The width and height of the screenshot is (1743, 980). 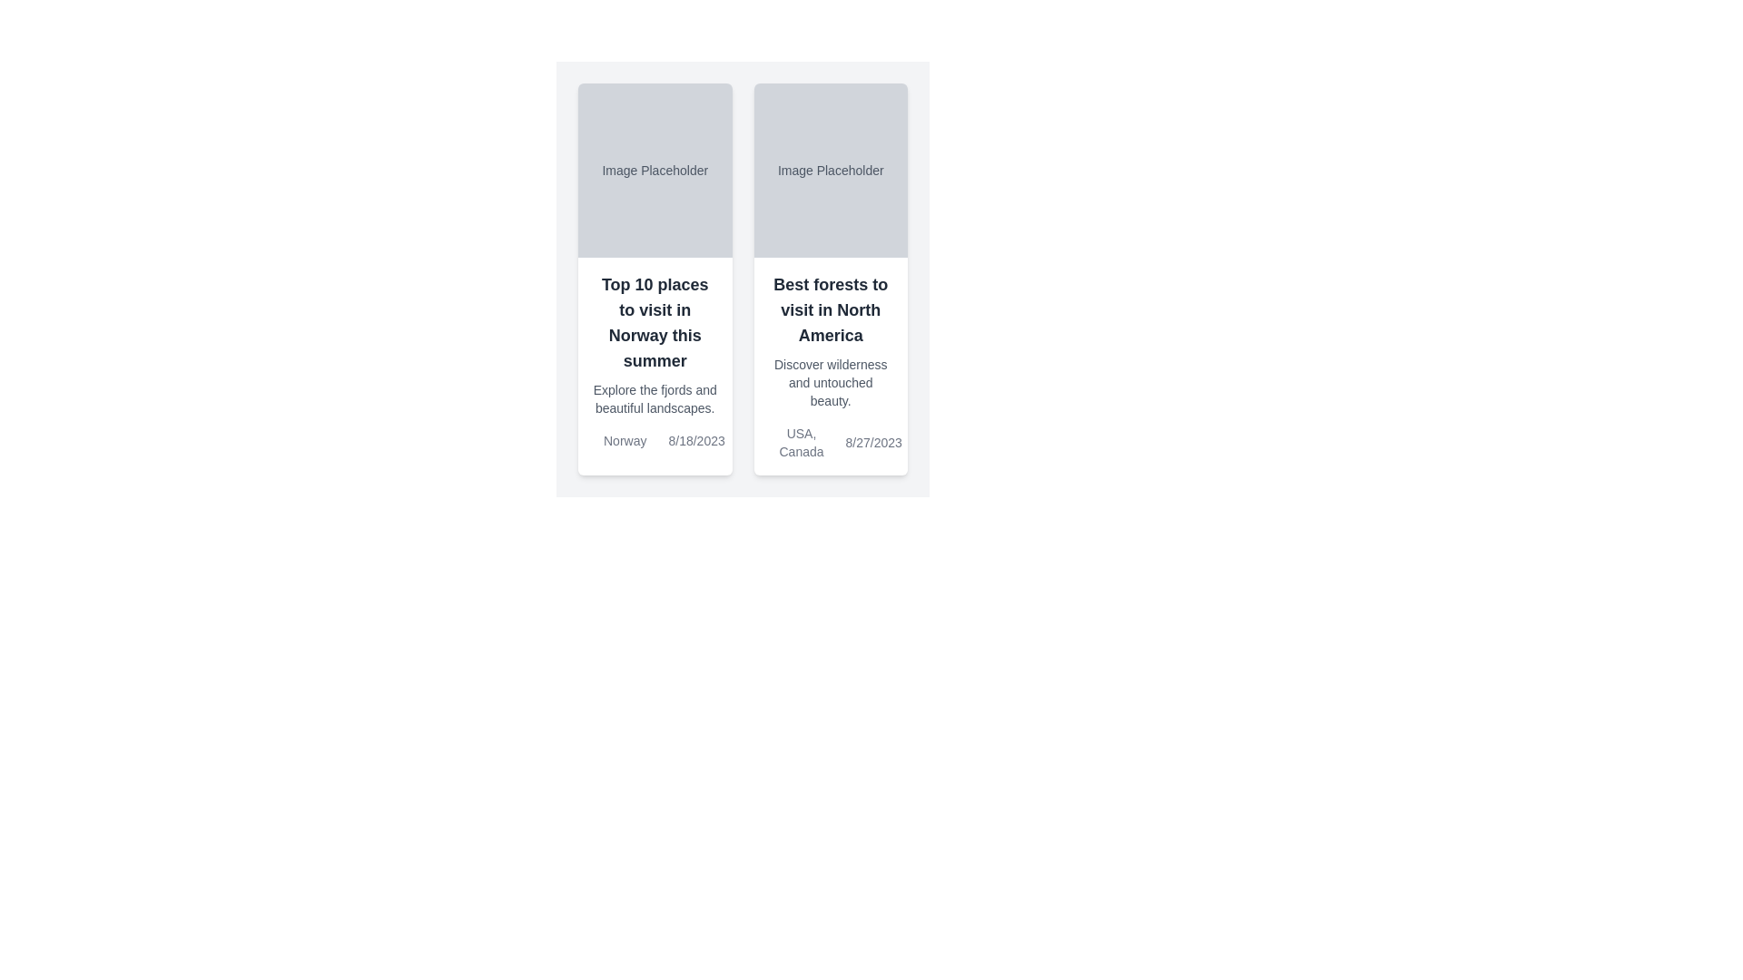 What do you see at coordinates (654, 360) in the screenshot?
I see `the card containing the text 'Top 10 places to visit in Norway this summer'` at bounding box center [654, 360].